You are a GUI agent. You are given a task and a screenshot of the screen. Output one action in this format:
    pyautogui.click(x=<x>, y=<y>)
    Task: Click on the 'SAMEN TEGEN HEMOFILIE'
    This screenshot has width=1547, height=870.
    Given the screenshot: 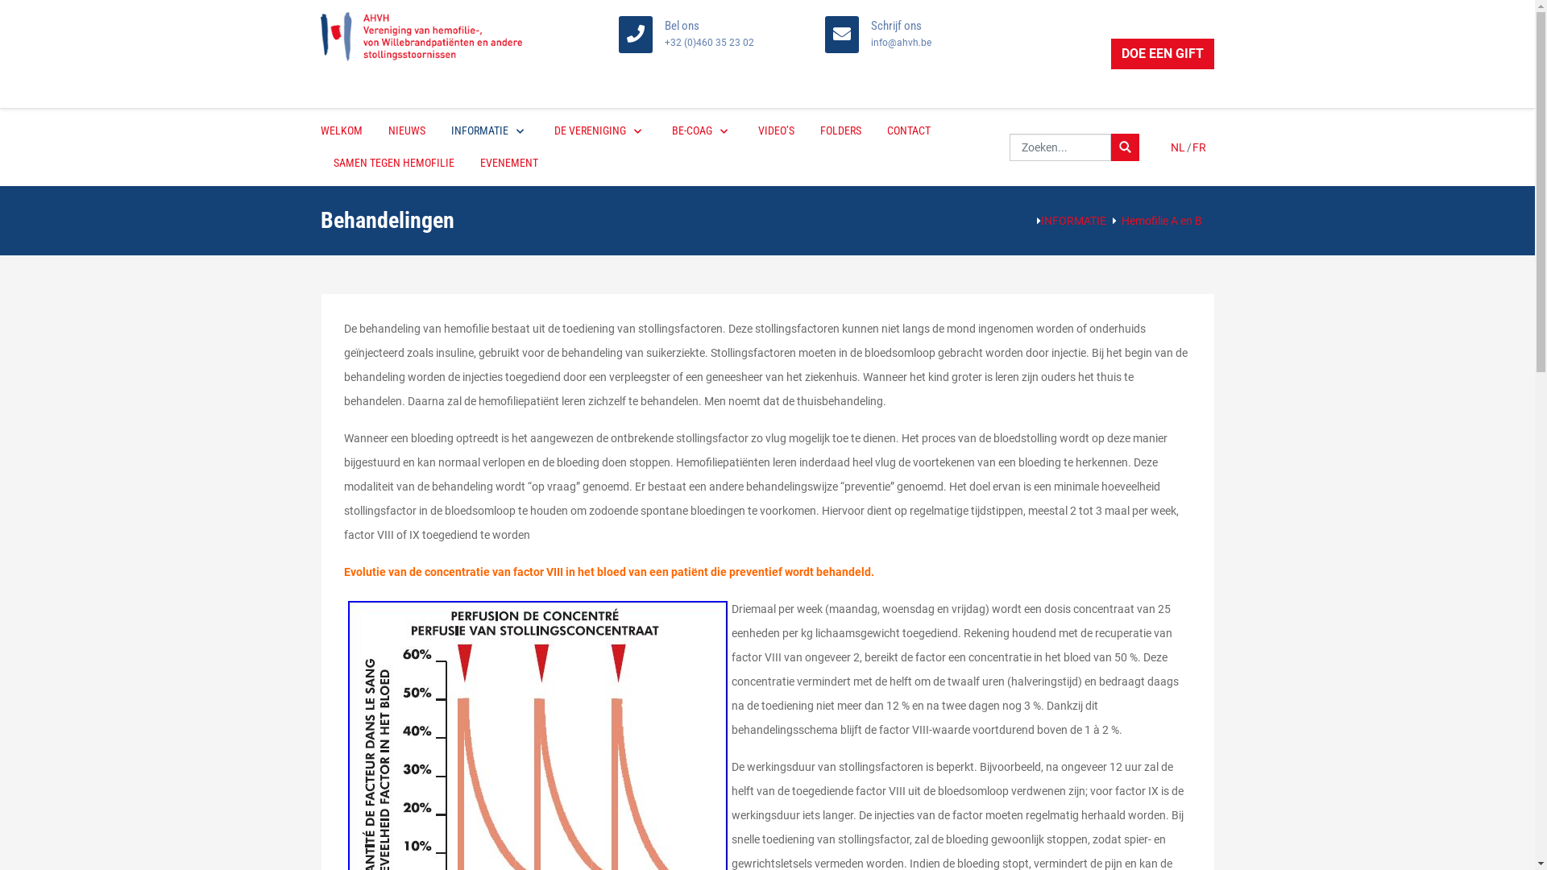 What is the action you would take?
    pyautogui.click(x=394, y=164)
    